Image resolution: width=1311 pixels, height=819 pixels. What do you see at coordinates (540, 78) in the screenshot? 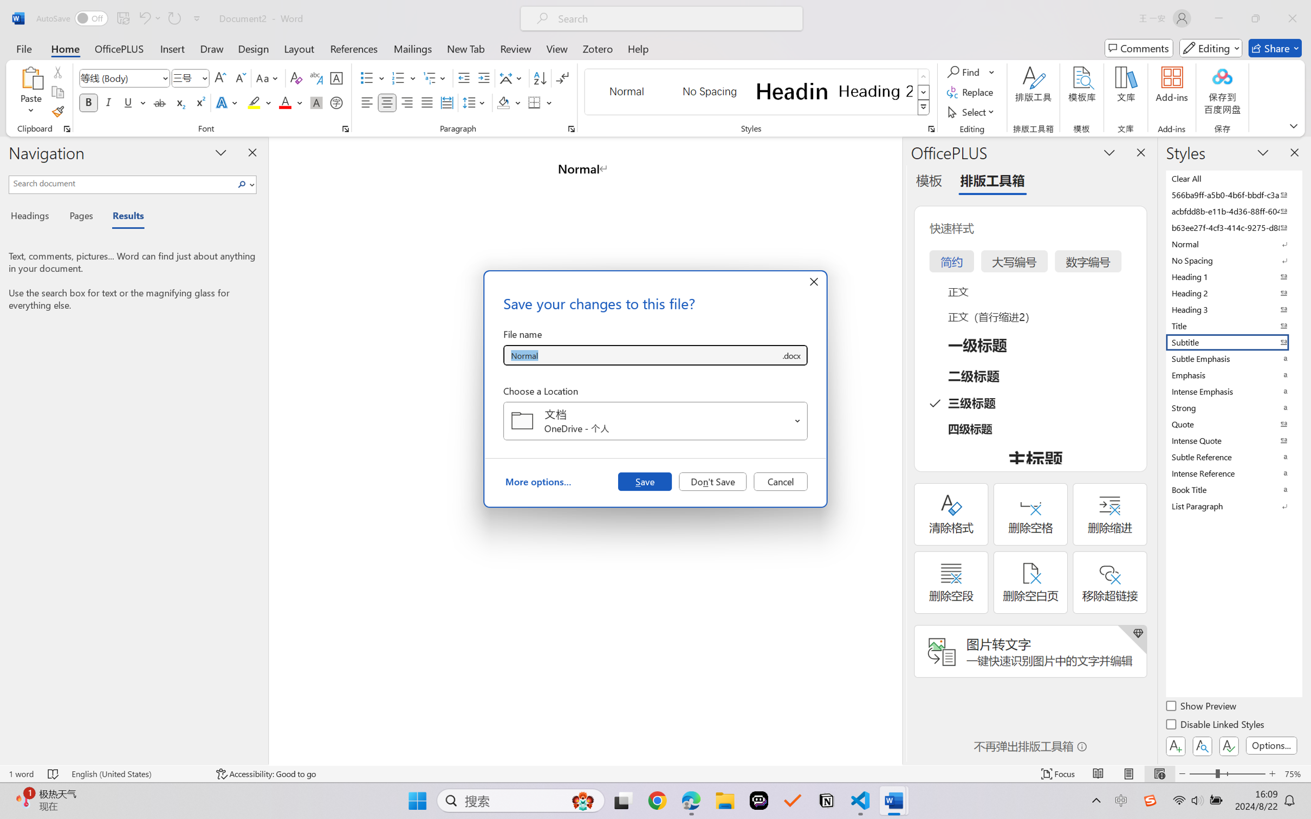
I see `'Sort...'` at bounding box center [540, 78].